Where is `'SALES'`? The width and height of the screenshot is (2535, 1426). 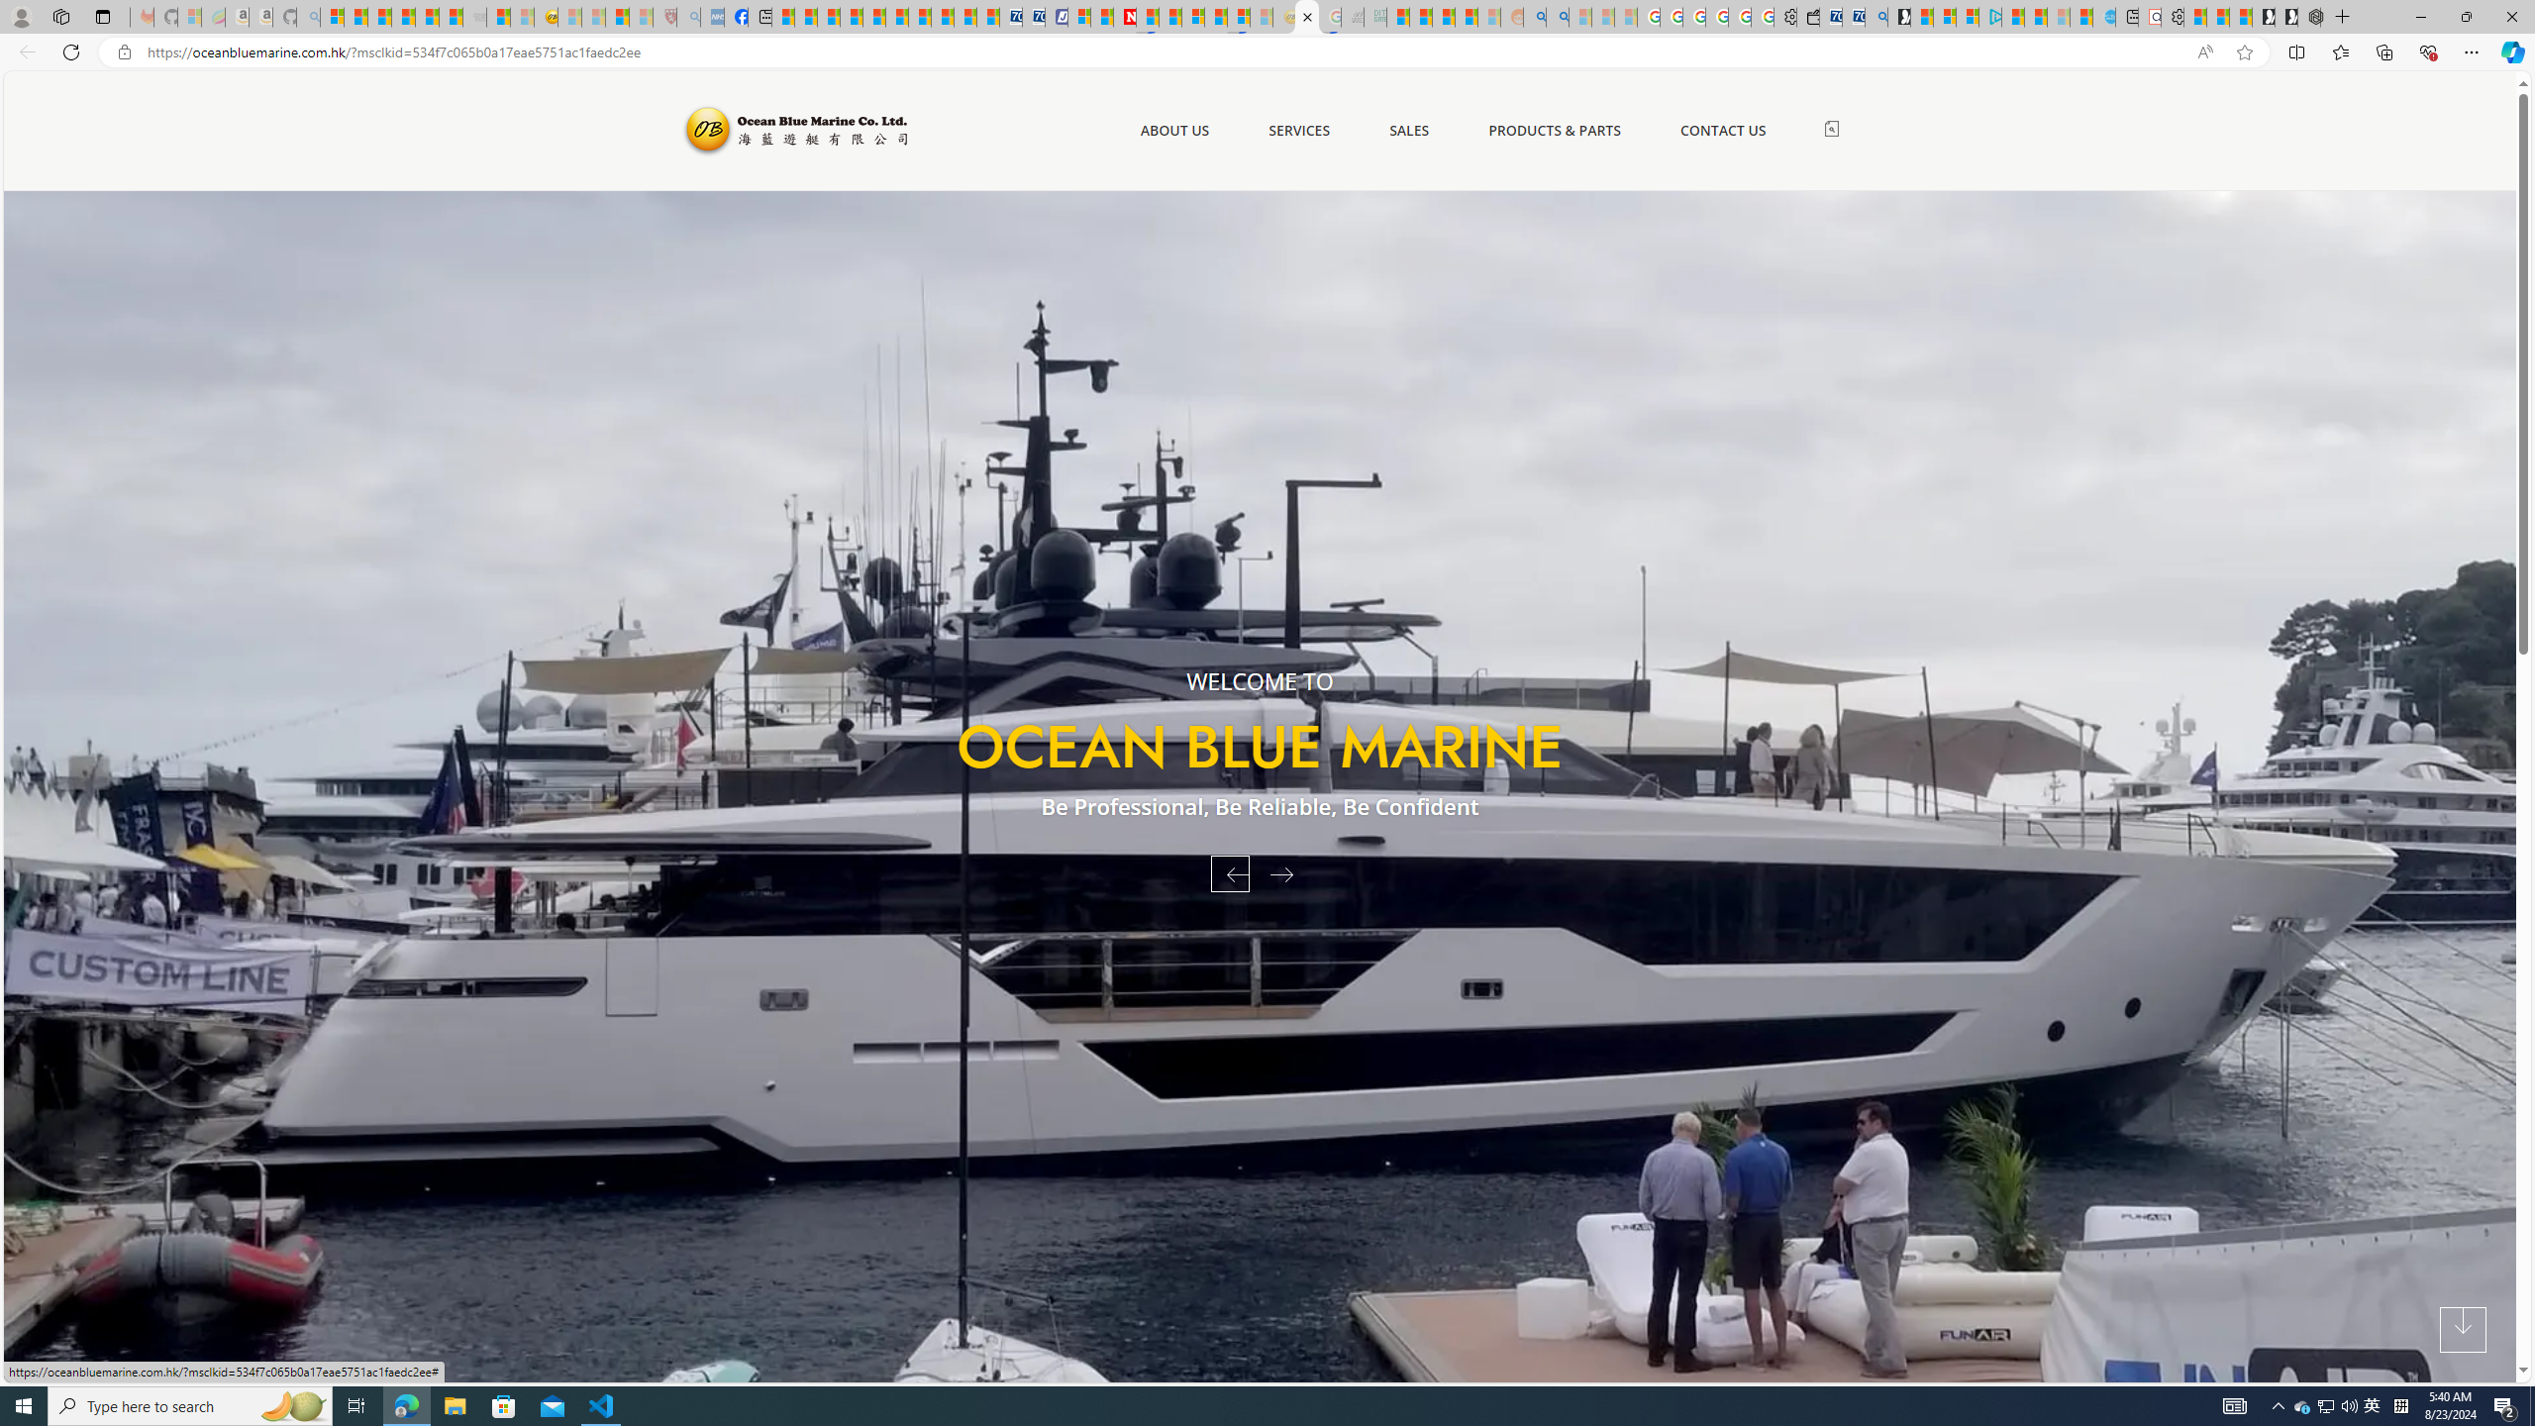
'SALES' is located at coordinates (1408, 129).